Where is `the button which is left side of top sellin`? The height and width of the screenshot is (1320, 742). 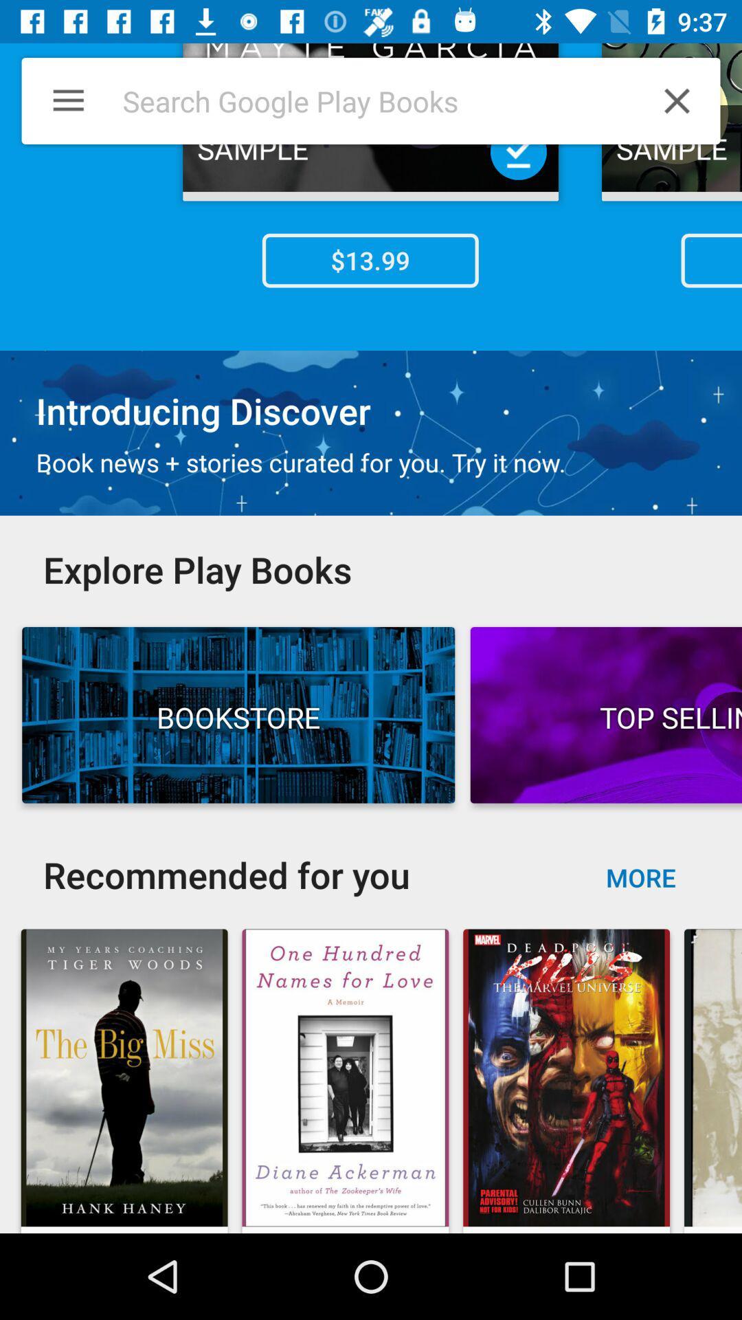 the button which is left side of top sellin is located at coordinates (238, 715).